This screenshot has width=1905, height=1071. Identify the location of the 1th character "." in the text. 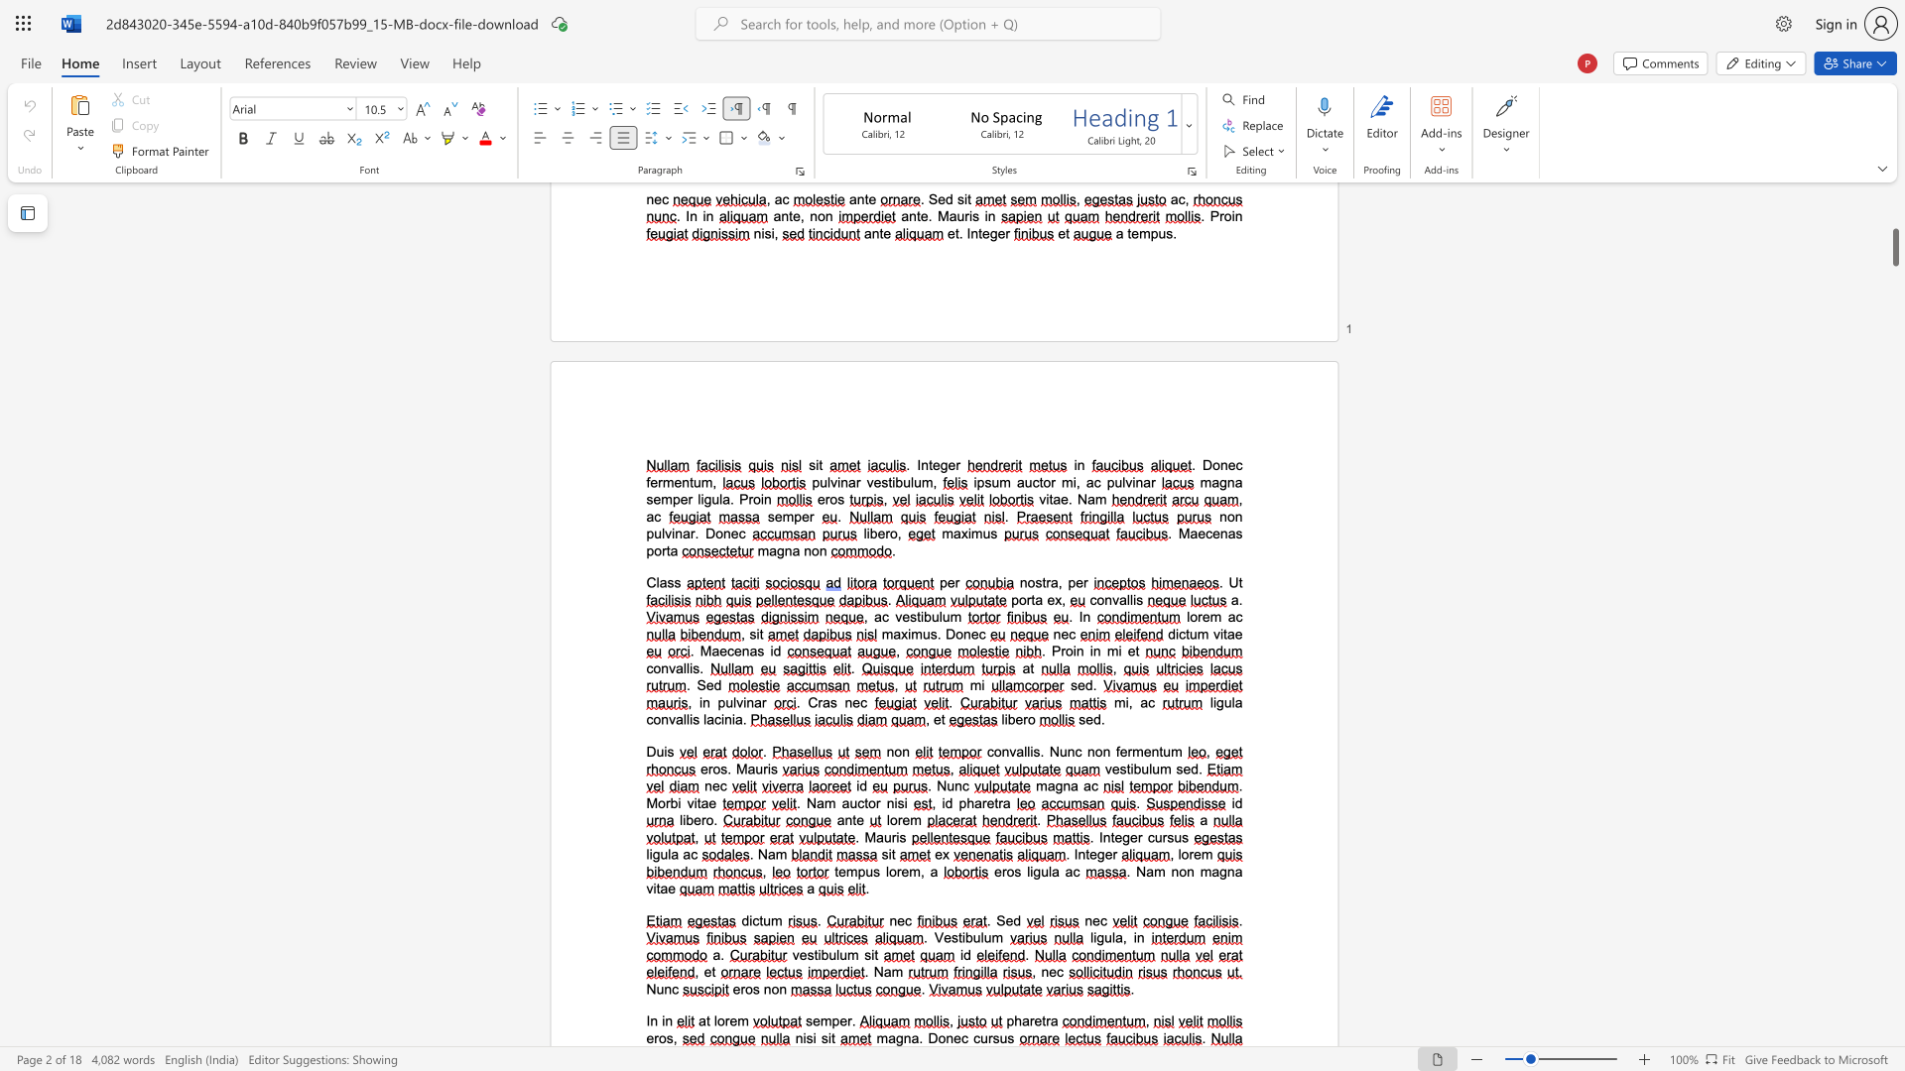
(920, 1037).